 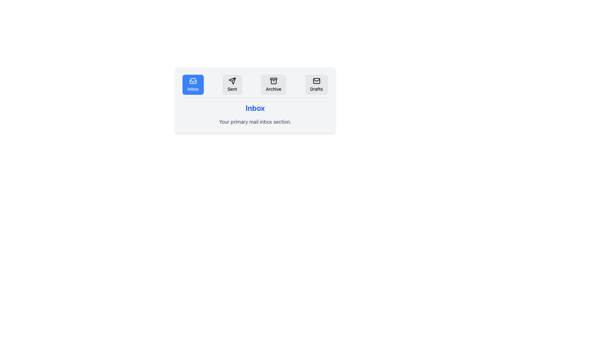 I want to click on the 'Archive' button, which contains a smaller text label saying 'Archive', located in the lower section of the button, the third button from the left in a row of four similar buttons, so click(x=273, y=89).